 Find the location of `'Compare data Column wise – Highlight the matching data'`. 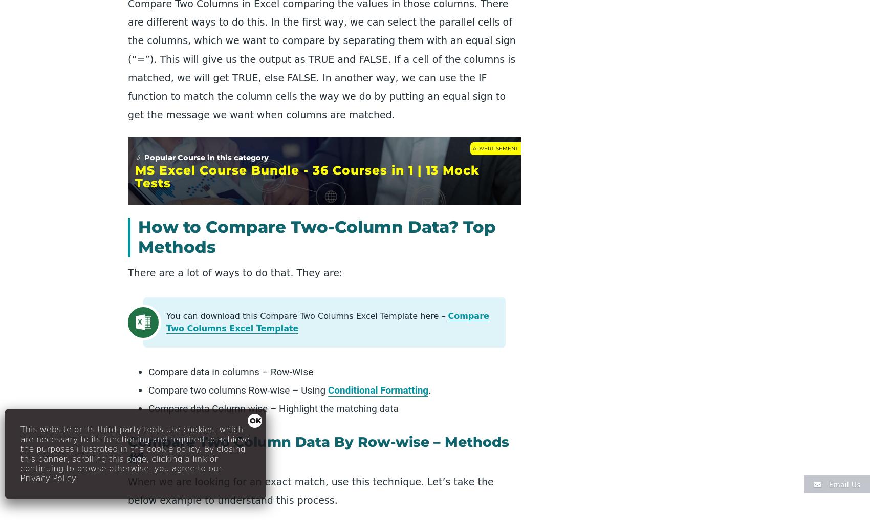

'Compare data Column wise – Highlight the matching data' is located at coordinates (272, 408).